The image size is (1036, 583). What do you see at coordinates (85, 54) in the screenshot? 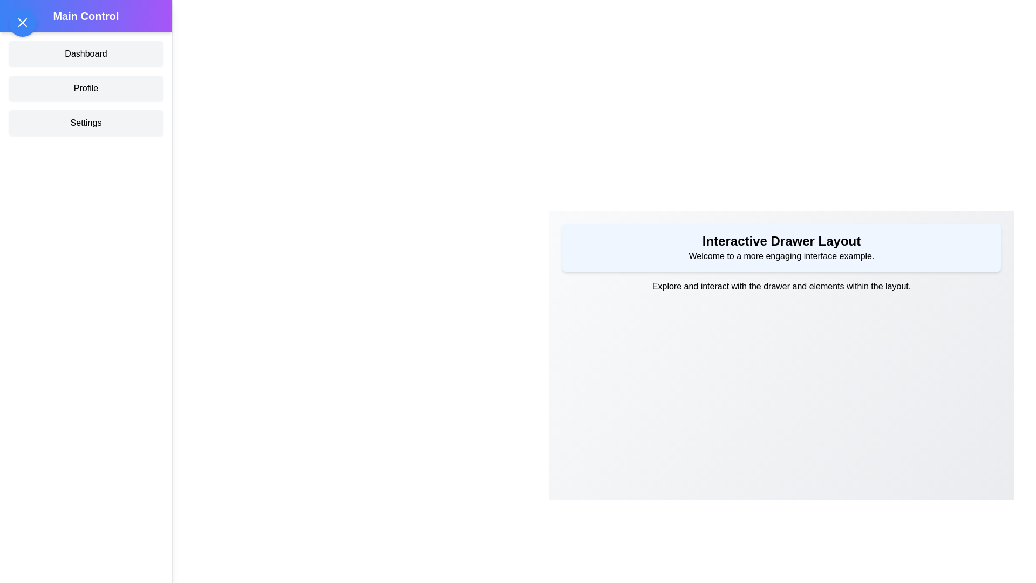
I see `the menu option Dashboard from the drawer` at bounding box center [85, 54].